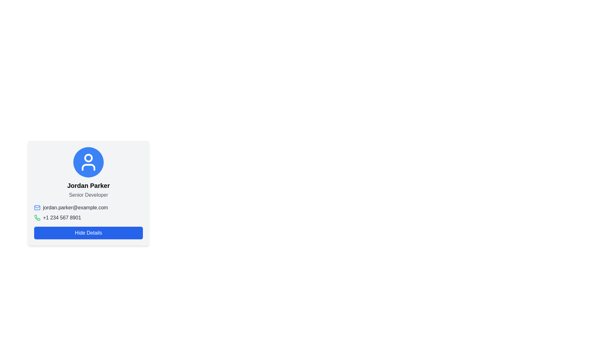 This screenshot has width=607, height=341. I want to click on the green outlined phone icon located in the lower part of the contact card to initiate a phone call, so click(37, 218).